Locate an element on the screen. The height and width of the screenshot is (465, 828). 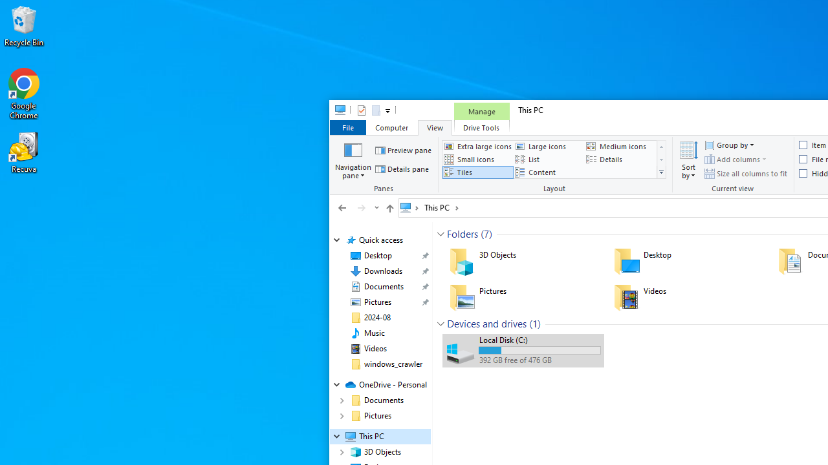
'Customize Quick Access Toolbar' is located at coordinates (387, 110).